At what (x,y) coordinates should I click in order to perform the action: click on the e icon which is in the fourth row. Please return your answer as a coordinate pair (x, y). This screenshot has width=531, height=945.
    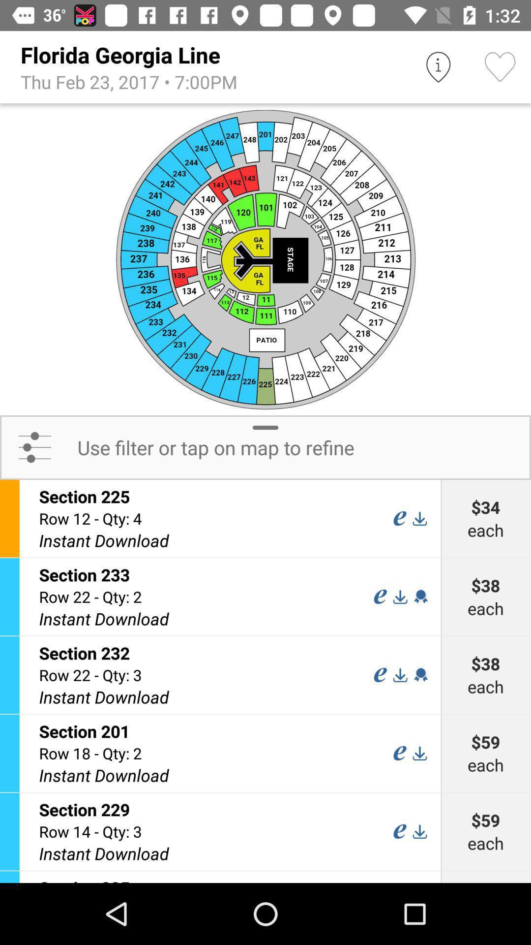
    Looking at the image, I should click on (400, 753).